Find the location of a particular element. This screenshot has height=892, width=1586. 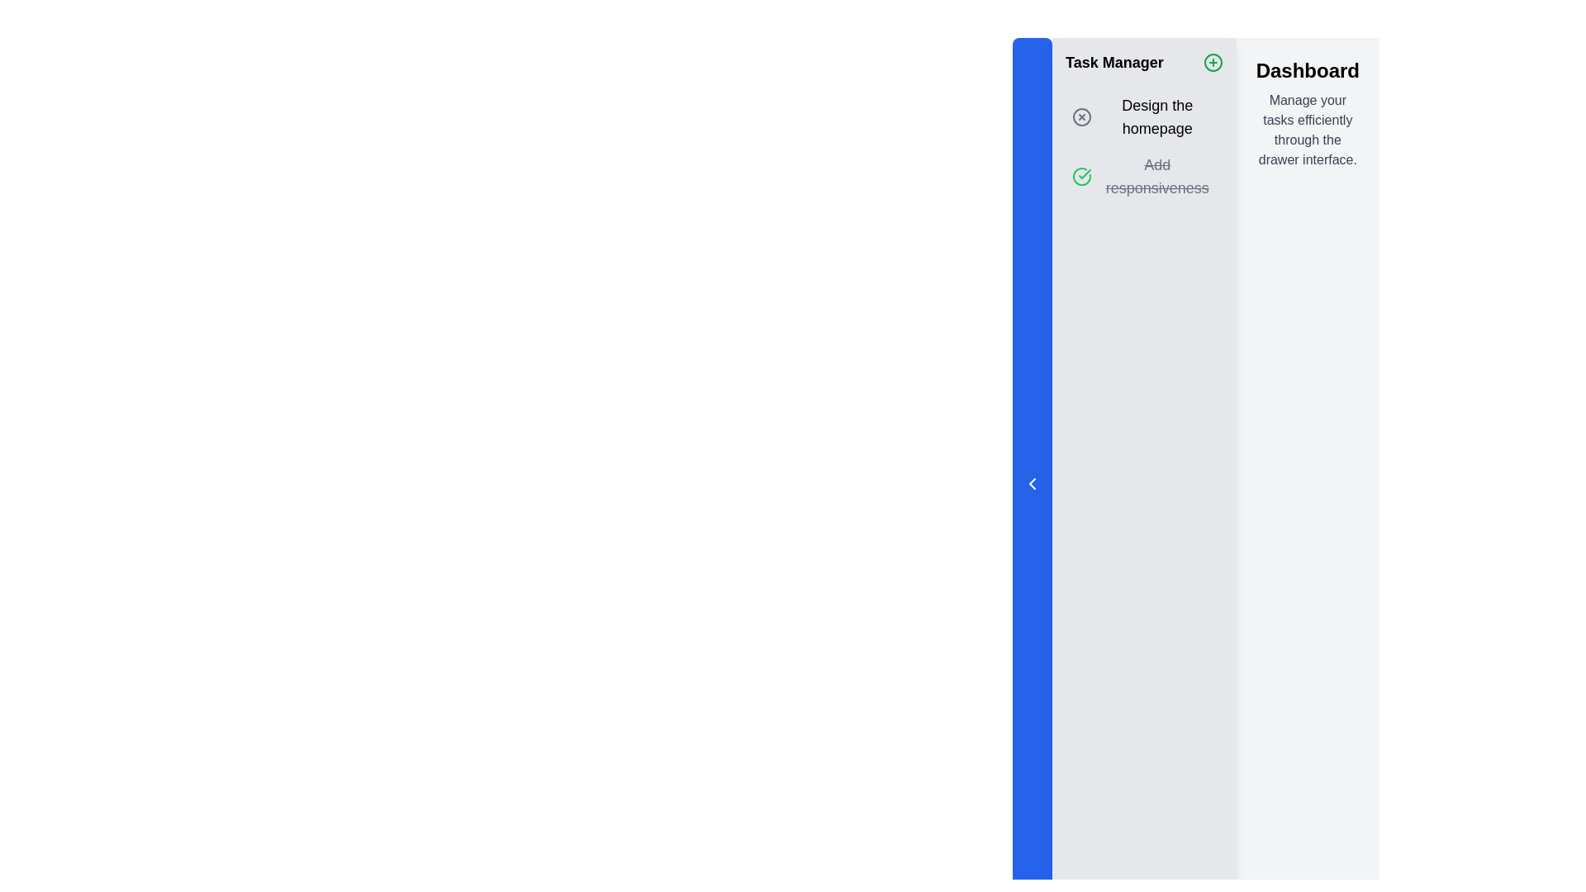

the green circular button with a plus symbol located in the right section of the 'Task Manager' header bar is located at coordinates (1213, 62).